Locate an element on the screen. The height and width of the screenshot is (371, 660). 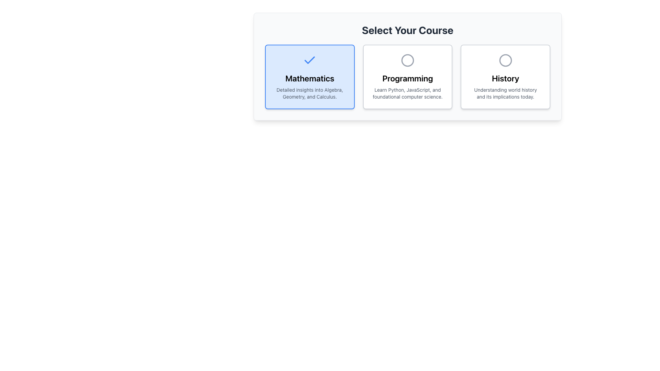
the 'History' course card, which is the rightmost card in a three-column layout, featuring a circular icon at the top and bold text reading 'History.' is located at coordinates (505, 77).